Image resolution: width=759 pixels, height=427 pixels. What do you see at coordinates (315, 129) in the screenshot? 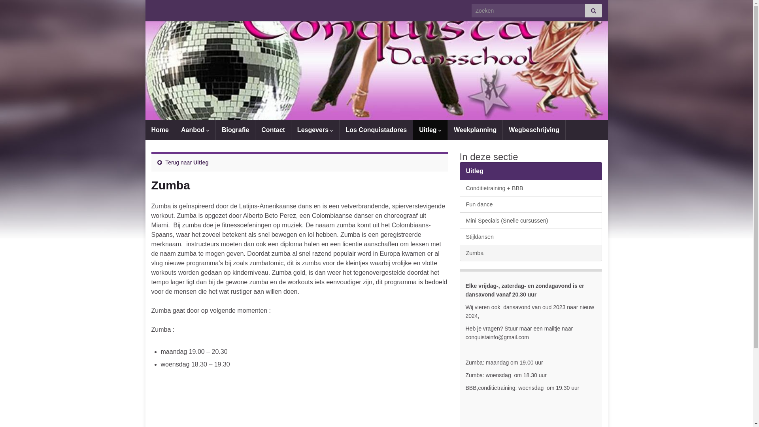
I see `'Lesgevers'` at bounding box center [315, 129].